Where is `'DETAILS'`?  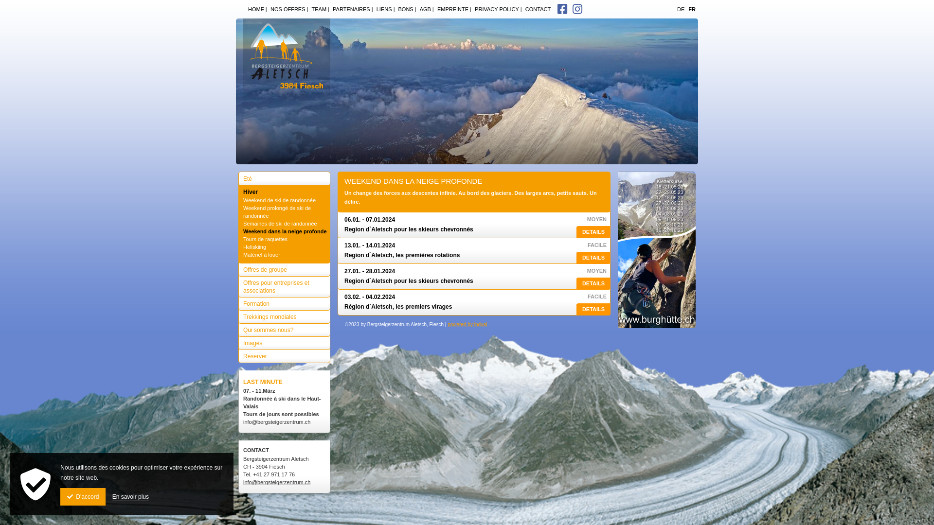 'DETAILS' is located at coordinates (593, 309).